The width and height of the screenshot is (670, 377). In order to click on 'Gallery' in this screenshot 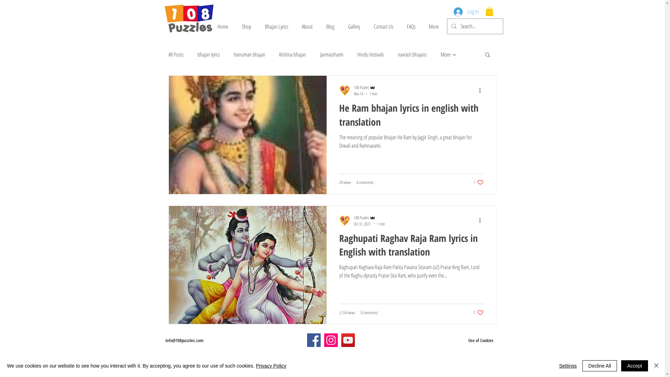, I will do `click(354, 26)`.